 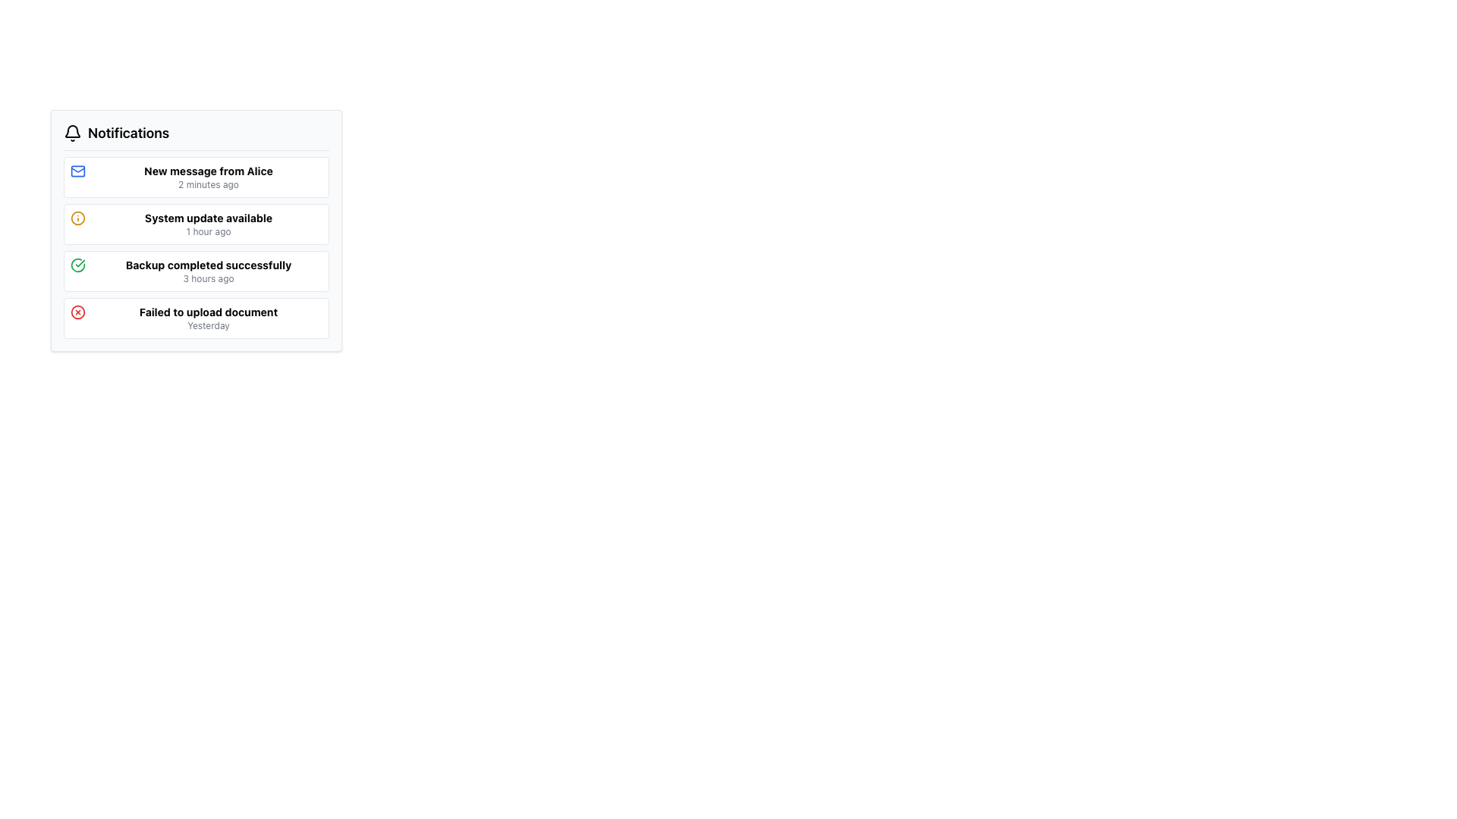 What do you see at coordinates (207, 271) in the screenshot?
I see `text from the Text Block that states 'Backup completed successfully' and '3 hours ago', which is the third element in the vertically stacked list within the notification panel` at bounding box center [207, 271].